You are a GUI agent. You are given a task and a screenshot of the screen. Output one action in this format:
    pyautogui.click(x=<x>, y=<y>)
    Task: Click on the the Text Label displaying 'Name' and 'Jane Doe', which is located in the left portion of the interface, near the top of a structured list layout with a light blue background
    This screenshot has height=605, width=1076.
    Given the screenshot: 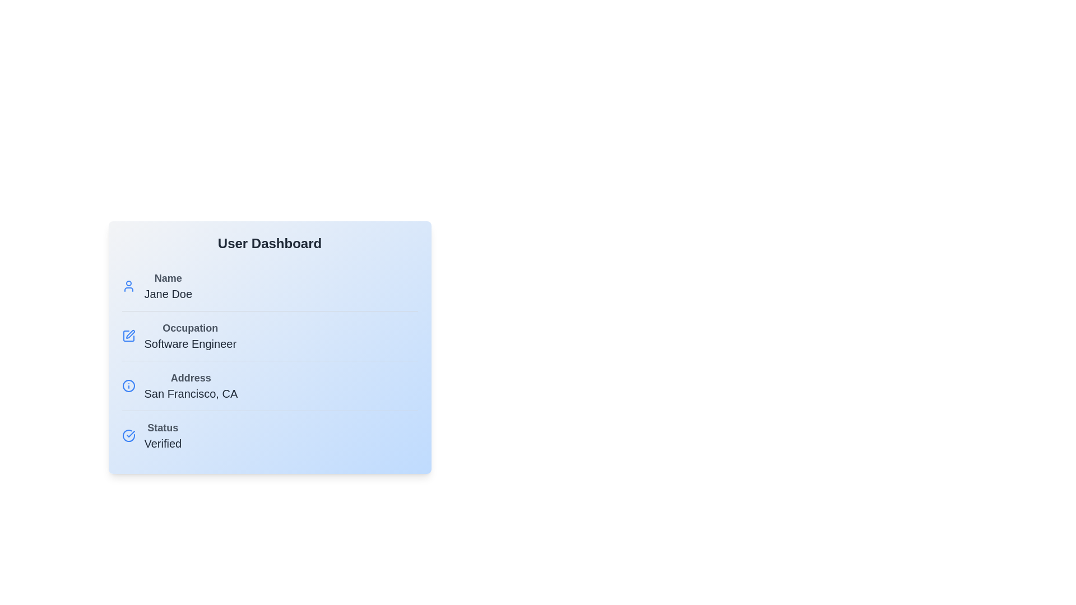 What is the action you would take?
    pyautogui.click(x=168, y=285)
    